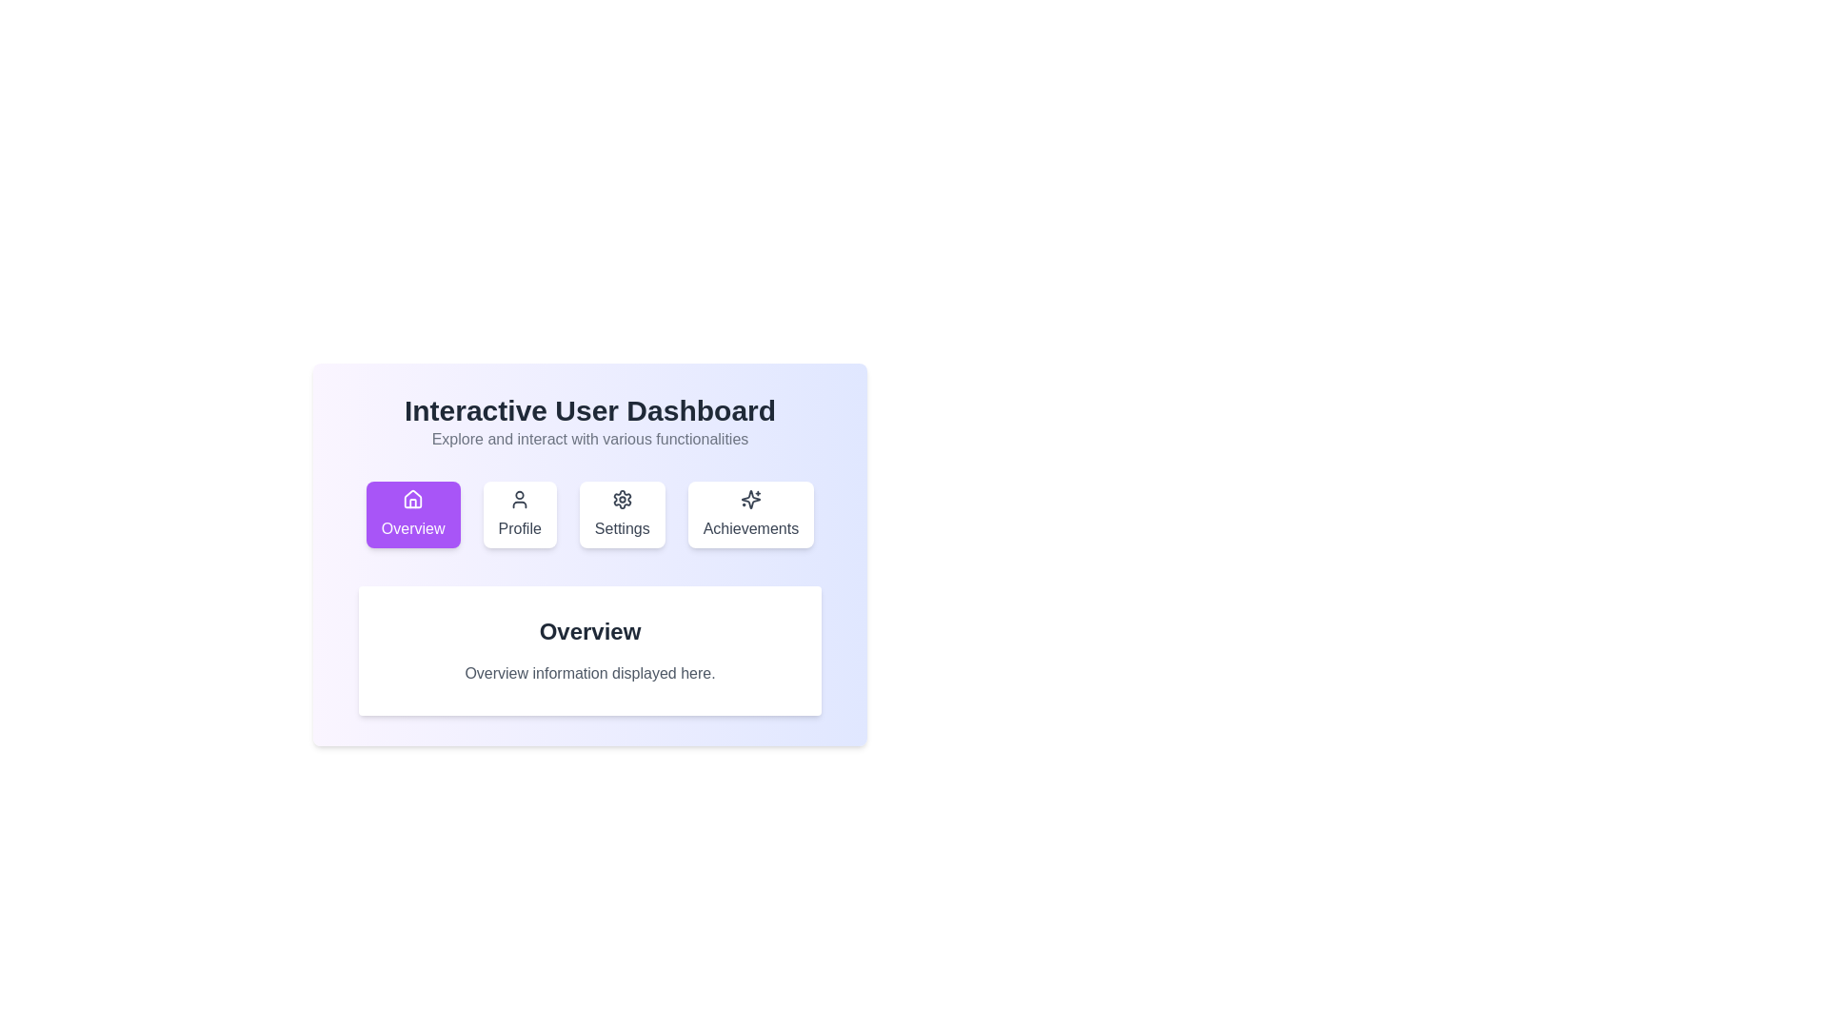  What do you see at coordinates (588, 421) in the screenshot?
I see `the header text block that serves as the introduction for the user dashboard interface, which is positioned above the row of buttons` at bounding box center [588, 421].